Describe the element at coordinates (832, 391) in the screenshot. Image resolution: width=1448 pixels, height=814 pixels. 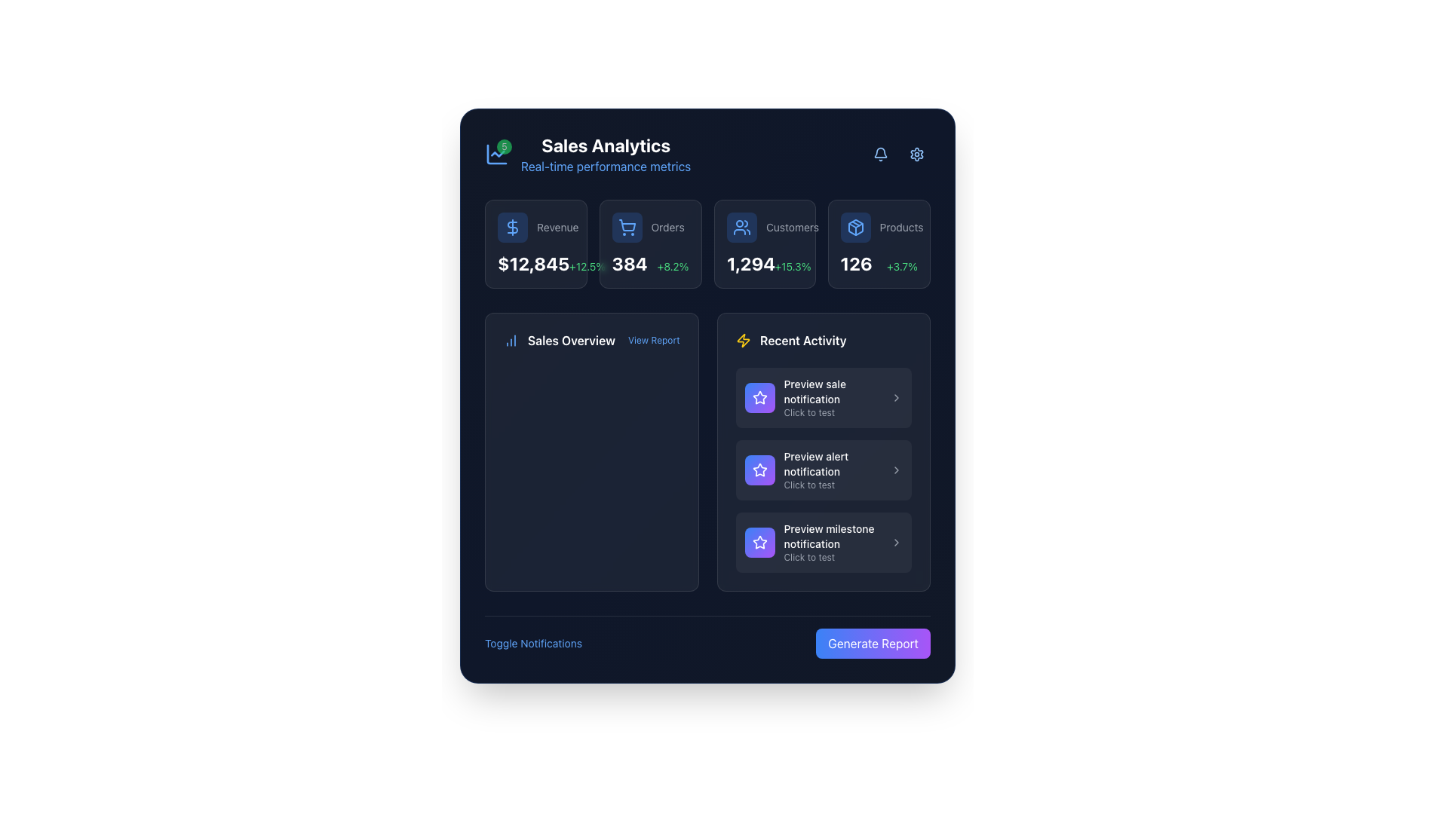
I see `the text label that states 'Preview sale notification', which is styled in a sans-serif font, white color, and located in the 'Recent Activity' section above the 'Click to test' text` at that location.